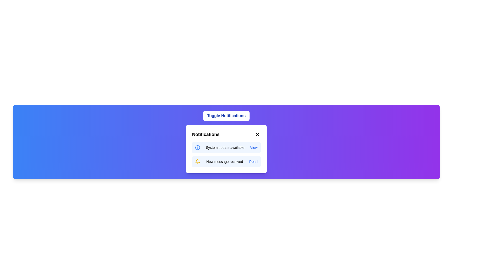 This screenshot has height=272, width=484. What do you see at coordinates (226, 147) in the screenshot?
I see `the Notification Item styled with a light blue background that contains the message 'System update available' and the actionable text 'View' to interact or reveal additional actions` at bounding box center [226, 147].